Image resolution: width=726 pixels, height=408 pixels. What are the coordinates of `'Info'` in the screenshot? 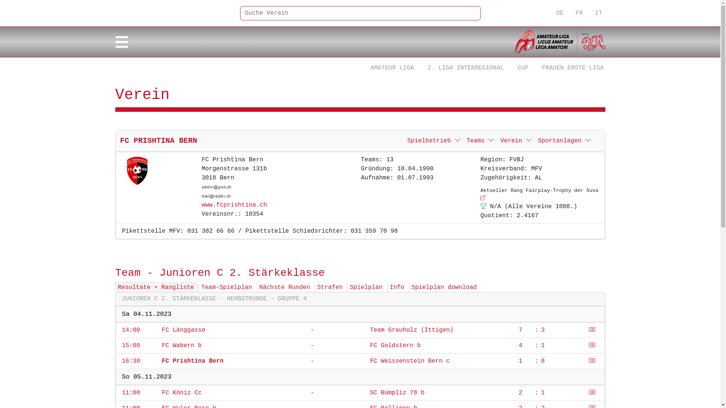 It's located at (397, 287).